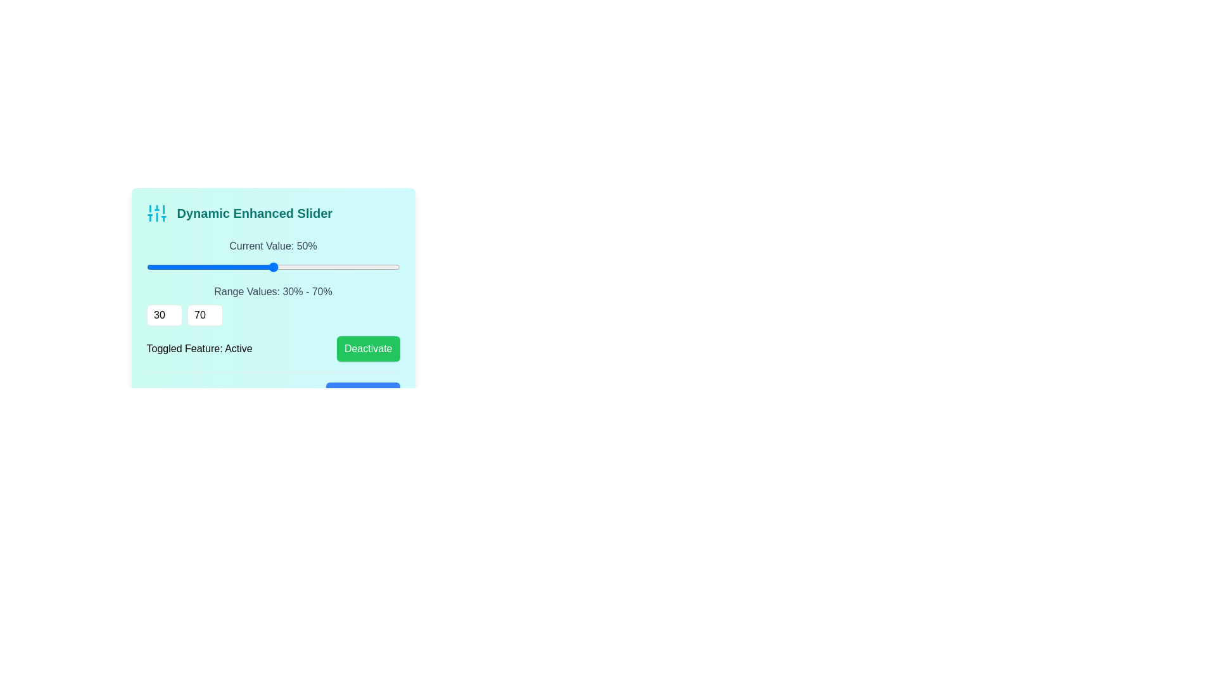 This screenshot has width=1216, height=684. What do you see at coordinates (343, 395) in the screenshot?
I see `the Checkmark in Circle icon, which is located to the left of the 'Confirm' button within a blue button at the lower part of the interface` at bounding box center [343, 395].